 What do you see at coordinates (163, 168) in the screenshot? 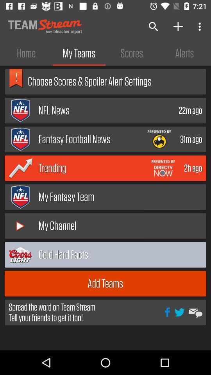
I see `advertisement` at bounding box center [163, 168].